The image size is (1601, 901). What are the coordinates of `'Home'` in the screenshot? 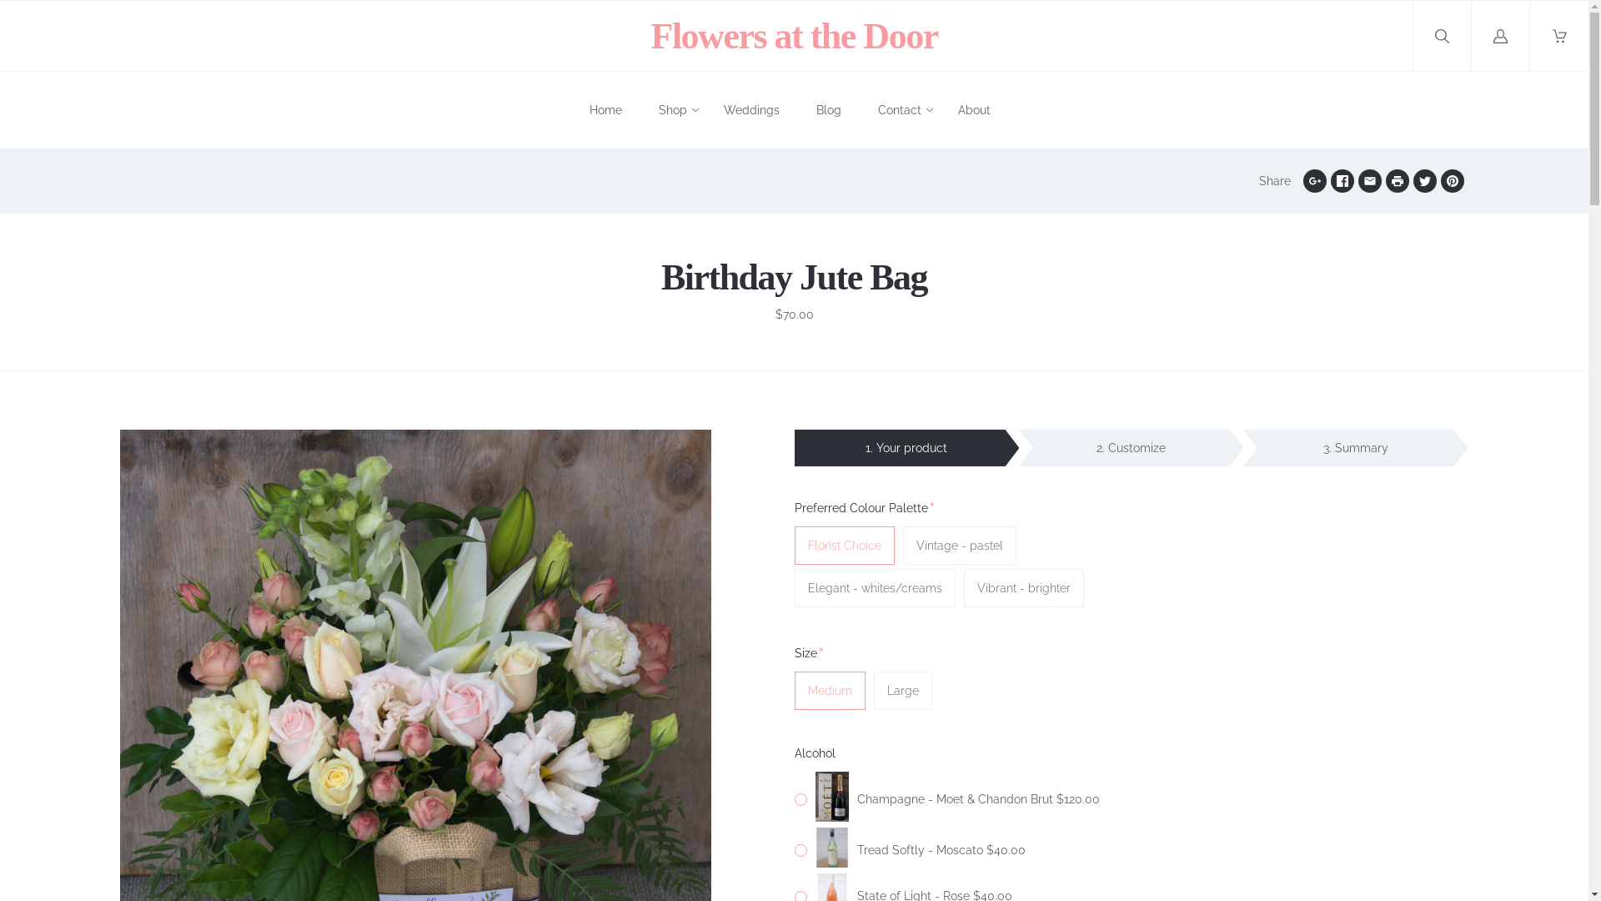 It's located at (605, 110).